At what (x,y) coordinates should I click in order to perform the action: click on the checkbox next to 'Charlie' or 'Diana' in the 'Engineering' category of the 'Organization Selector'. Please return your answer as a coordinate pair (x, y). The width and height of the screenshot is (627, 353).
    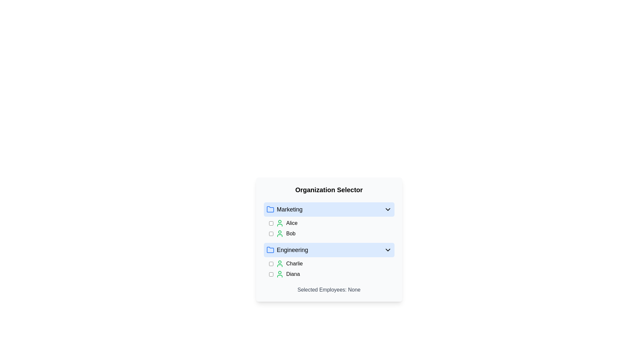
    Looking at the image, I should click on (329, 269).